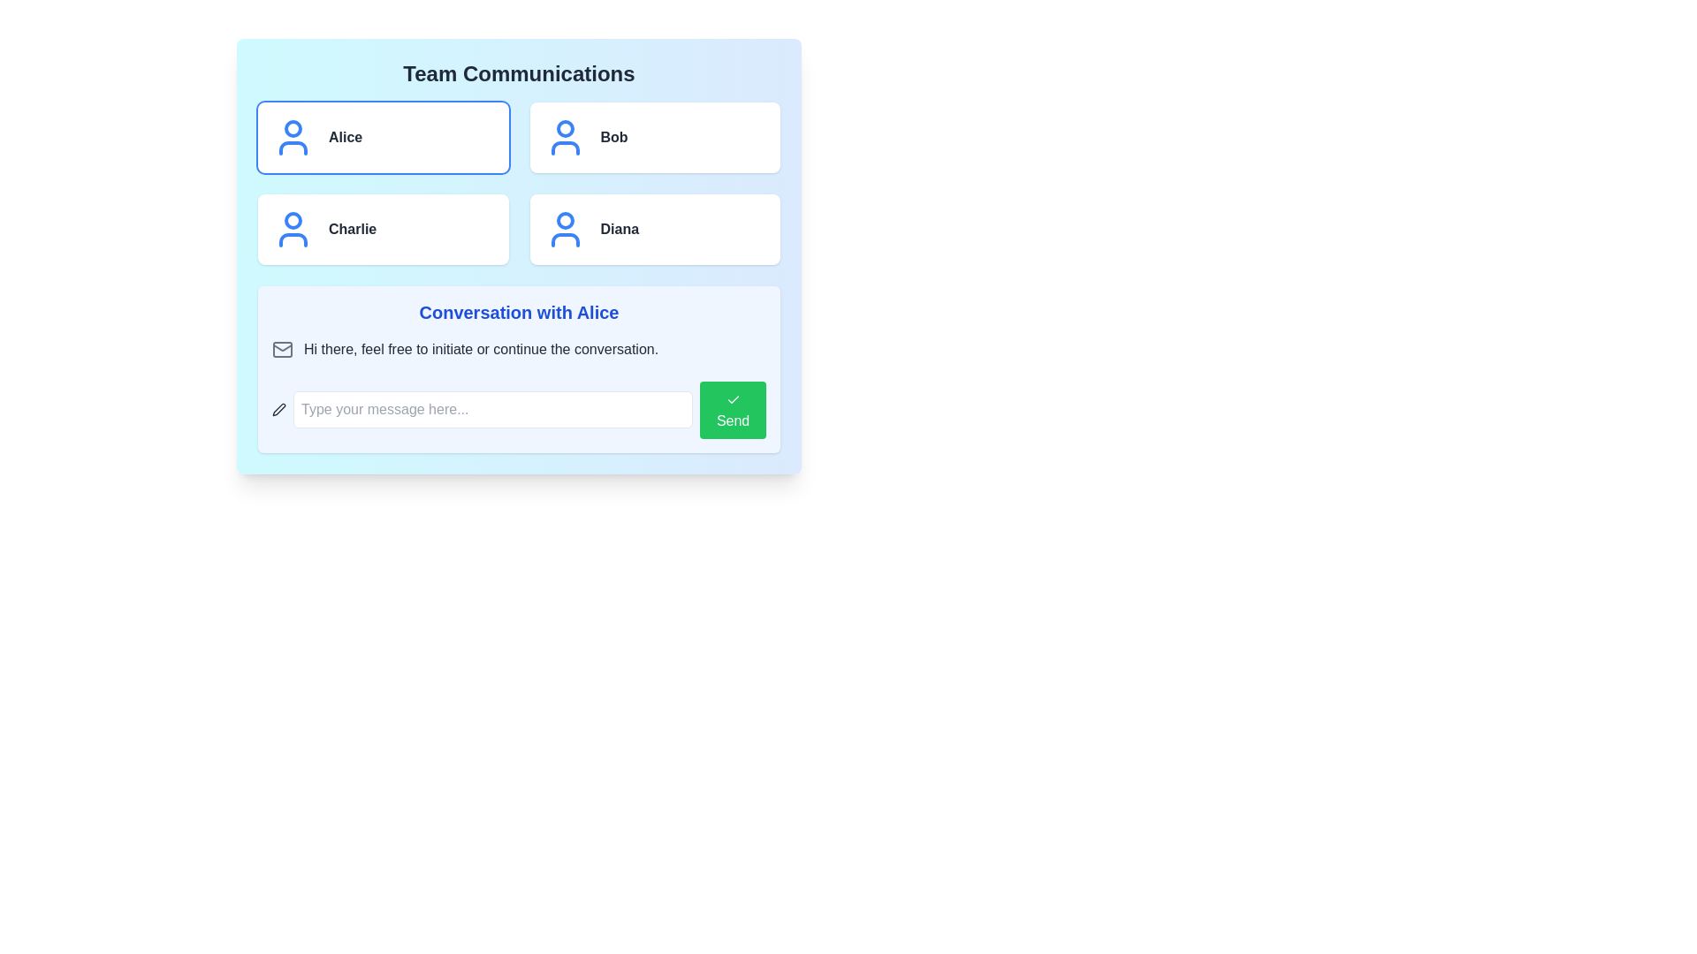 Image resolution: width=1697 pixels, height=954 pixels. I want to click on the arc-like shape forming the torso of the user avatar icon representing Alice, located in the upper left quadrant of the interface, so click(293, 148).